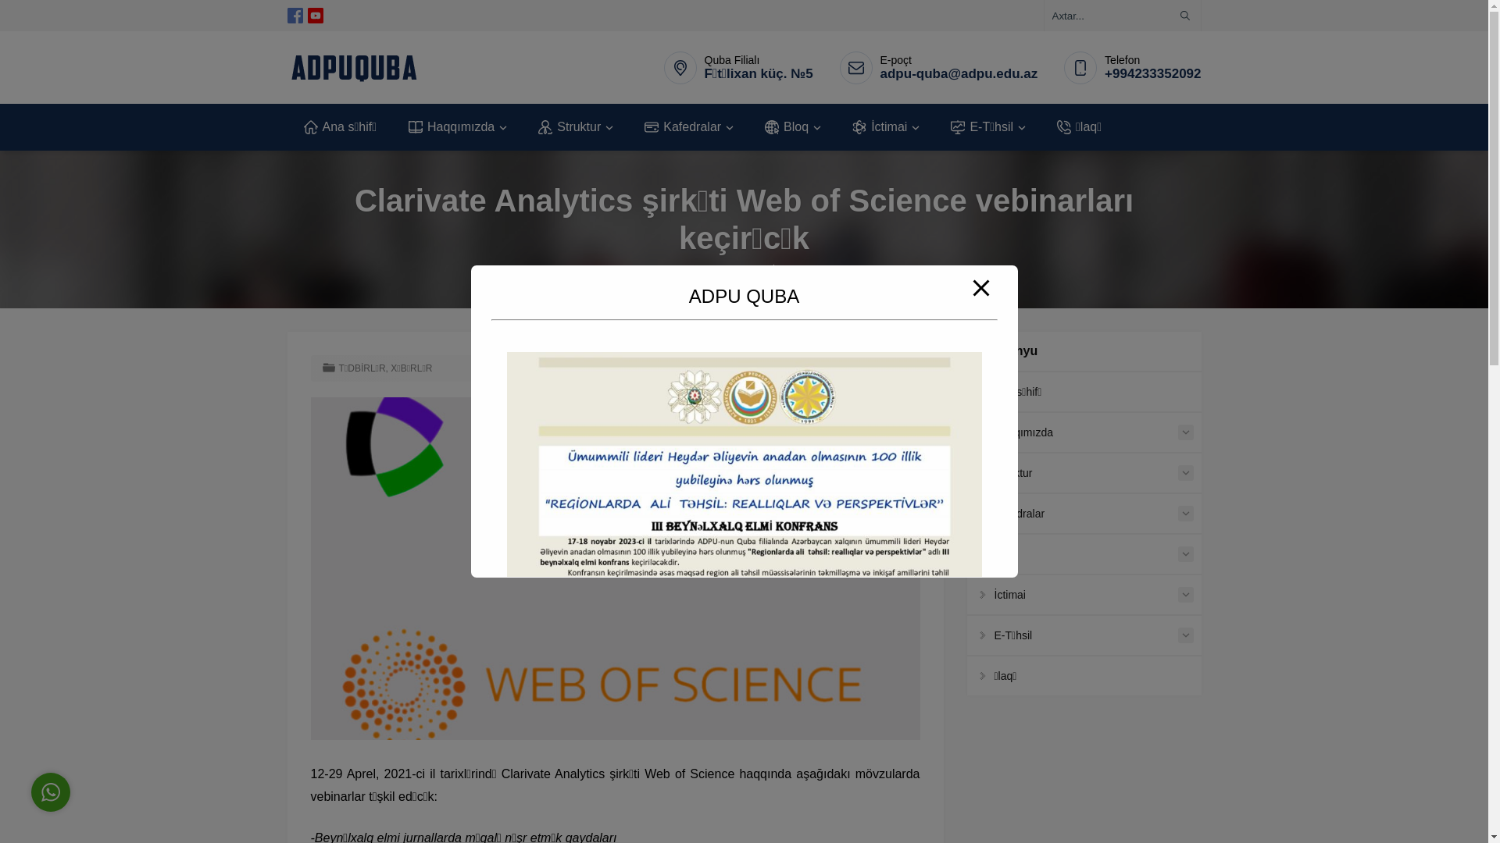  What do you see at coordinates (959, 73) in the screenshot?
I see `'adpu-quba@adpu.edu.az'` at bounding box center [959, 73].